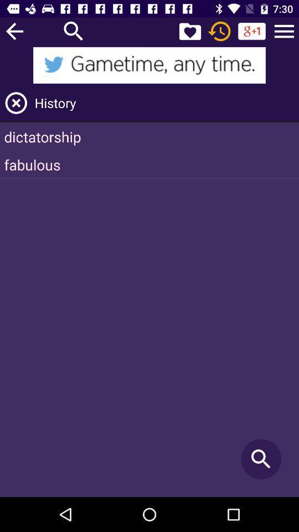 The width and height of the screenshot is (299, 532). What do you see at coordinates (189, 30) in the screenshot?
I see `see favorites` at bounding box center [189, 30].